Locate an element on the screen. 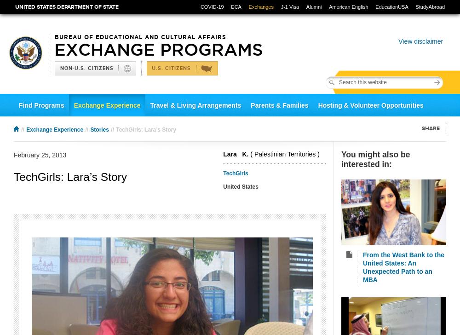 This screenshot has height=335, width=460. 'Hosting & Volunteer Opportunities' is located at coordinates (317, 105).